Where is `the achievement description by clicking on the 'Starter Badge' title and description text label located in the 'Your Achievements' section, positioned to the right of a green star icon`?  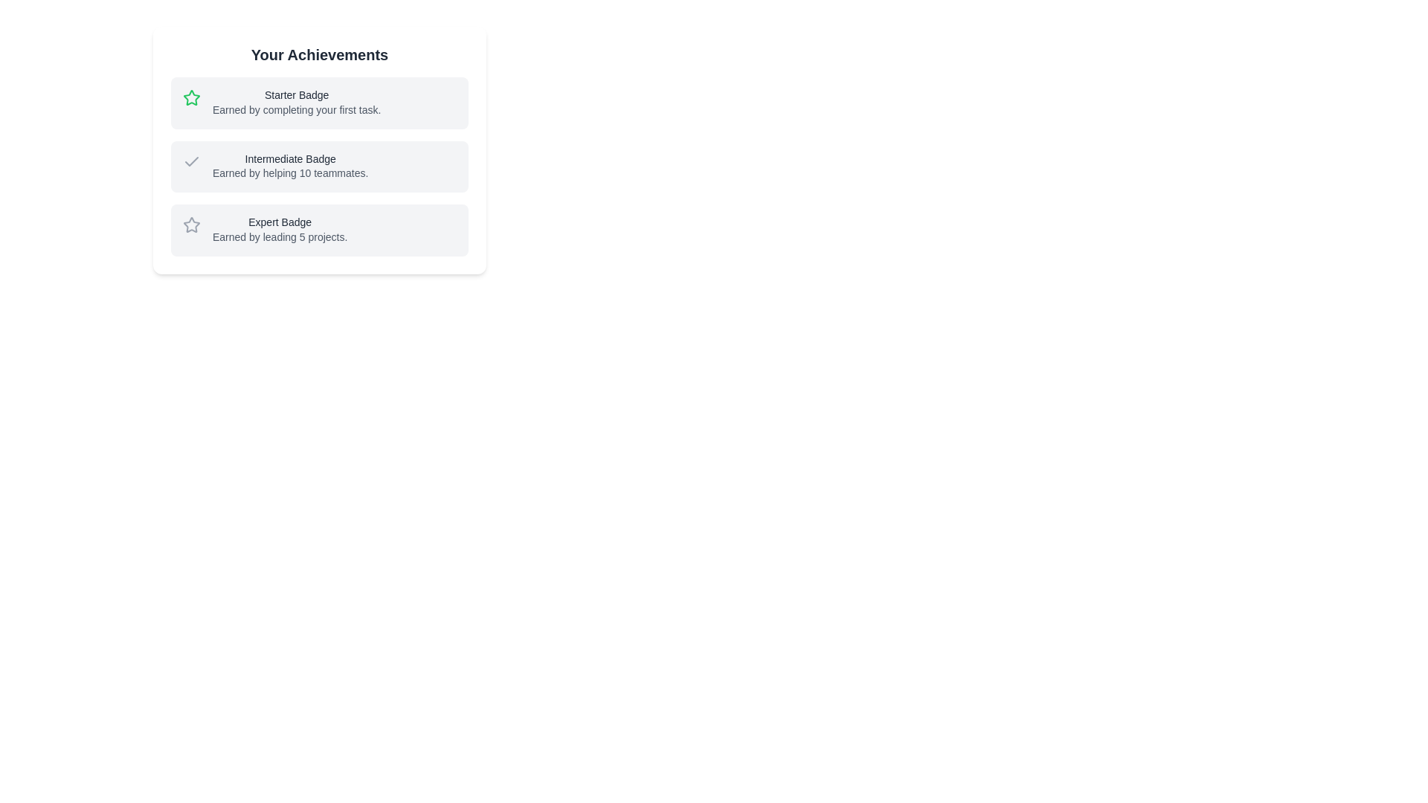 the achievement description by clicking on the 'Starter Badge' title and description text label located in the 'Your Achievements' section, positioned to the right of a green star icon is located at coordinates (297, 102).